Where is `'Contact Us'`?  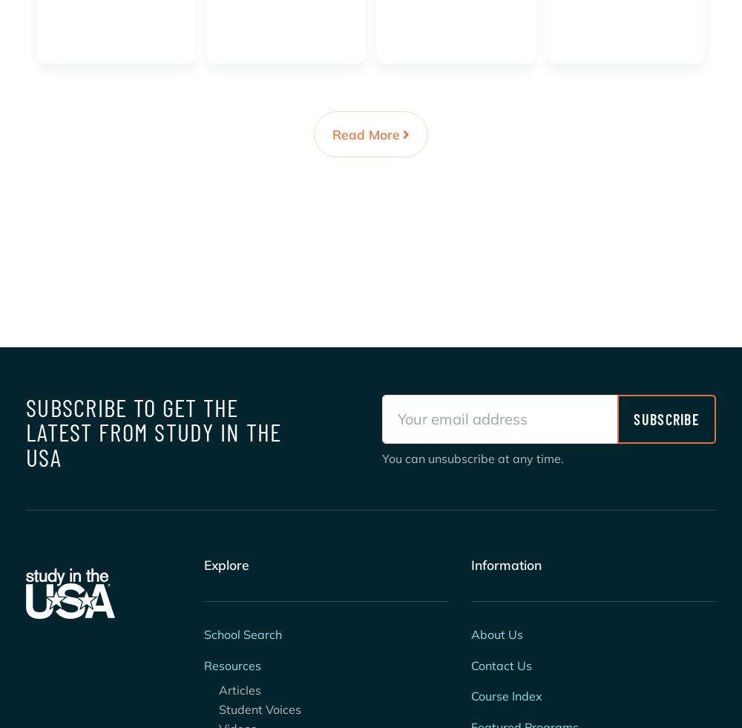
'Contact Us' is located at coordinates (502, 665).